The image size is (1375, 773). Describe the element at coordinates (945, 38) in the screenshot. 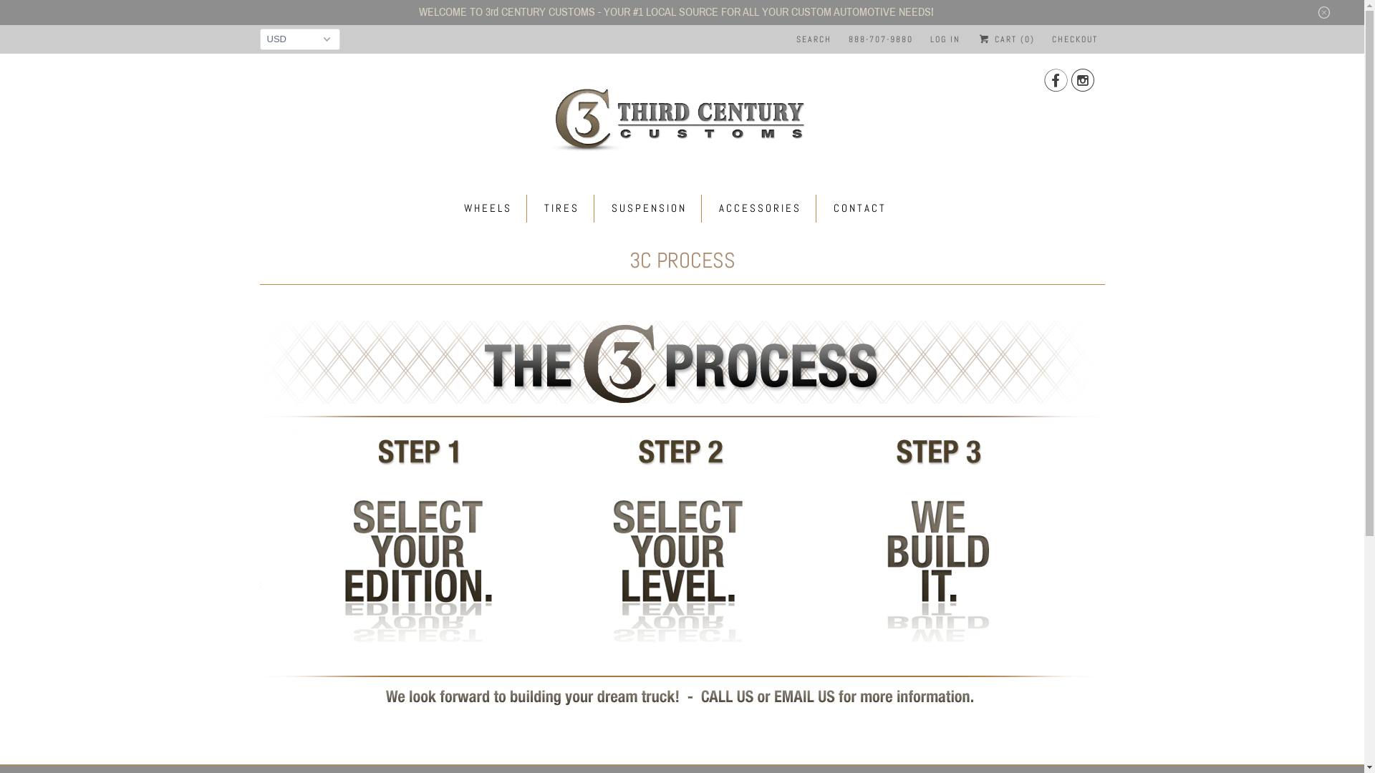

I see `'LOG IN'` at that location.